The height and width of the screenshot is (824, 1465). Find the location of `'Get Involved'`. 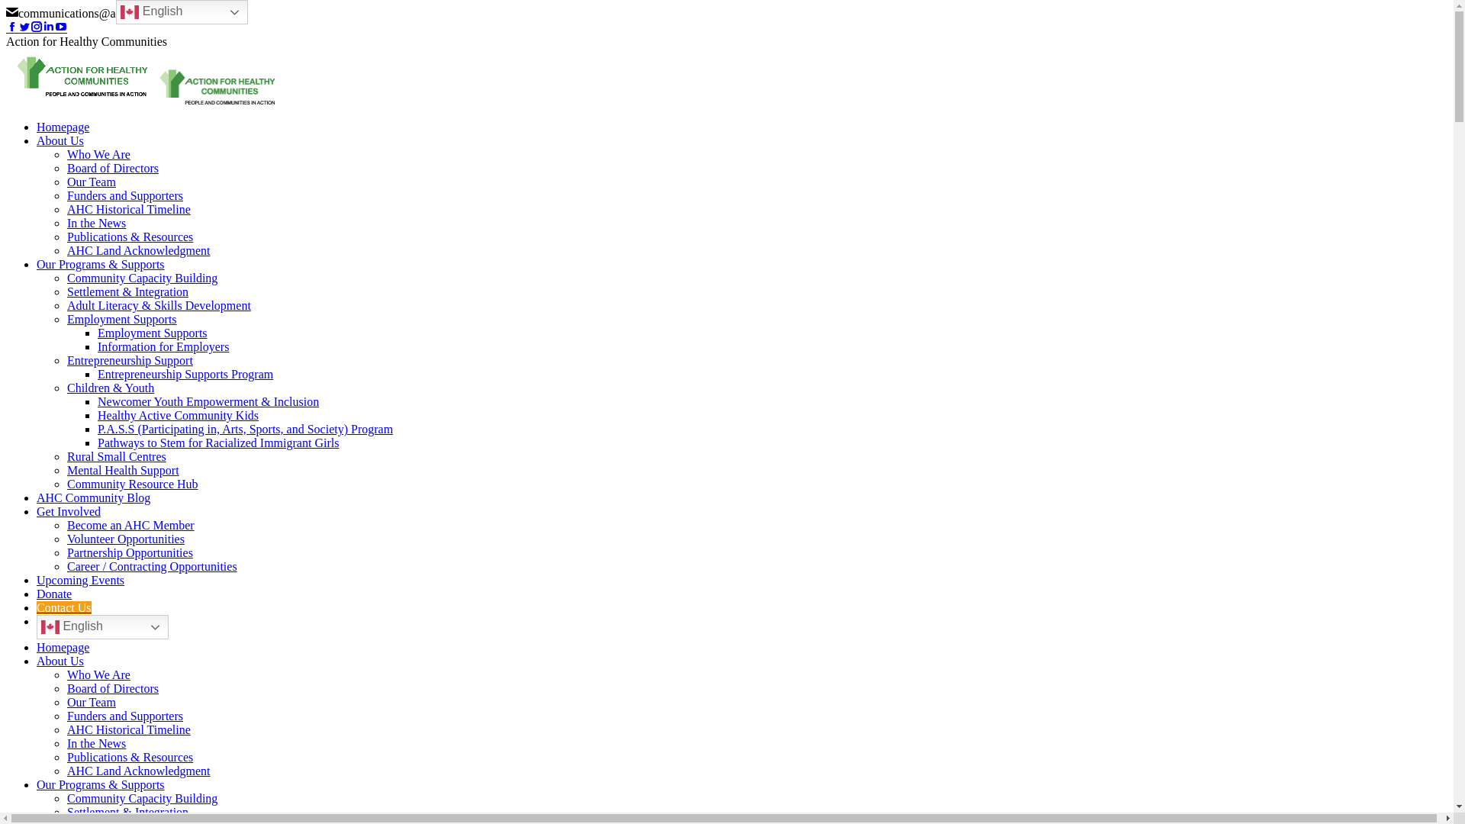

'Get Involved' is located at coordinates (37, 511).